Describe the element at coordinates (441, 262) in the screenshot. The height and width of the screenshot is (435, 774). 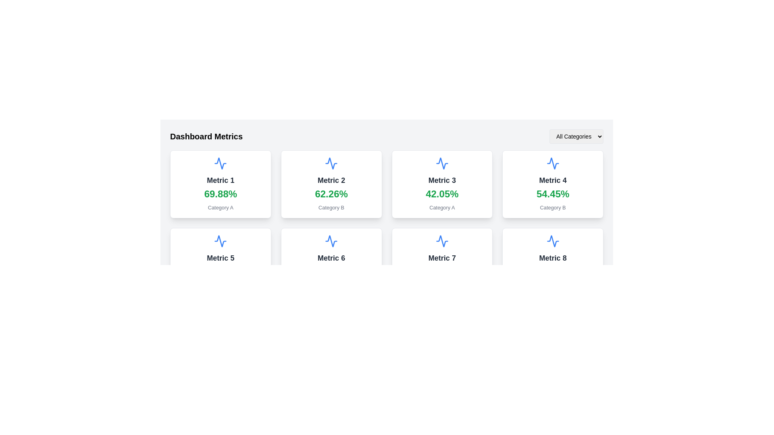
I see `the Card displaying 'Metric 7' with the value '50.06%' located in the second row, third column of the grid layout` at that location.